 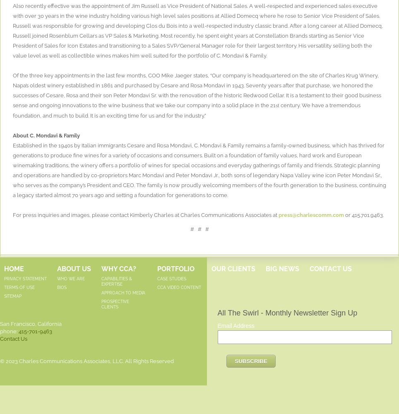 What do you see at coordinates (233, 268) in the screenshot?
I see `'Our Clients'` at bounding box center [233, 268].